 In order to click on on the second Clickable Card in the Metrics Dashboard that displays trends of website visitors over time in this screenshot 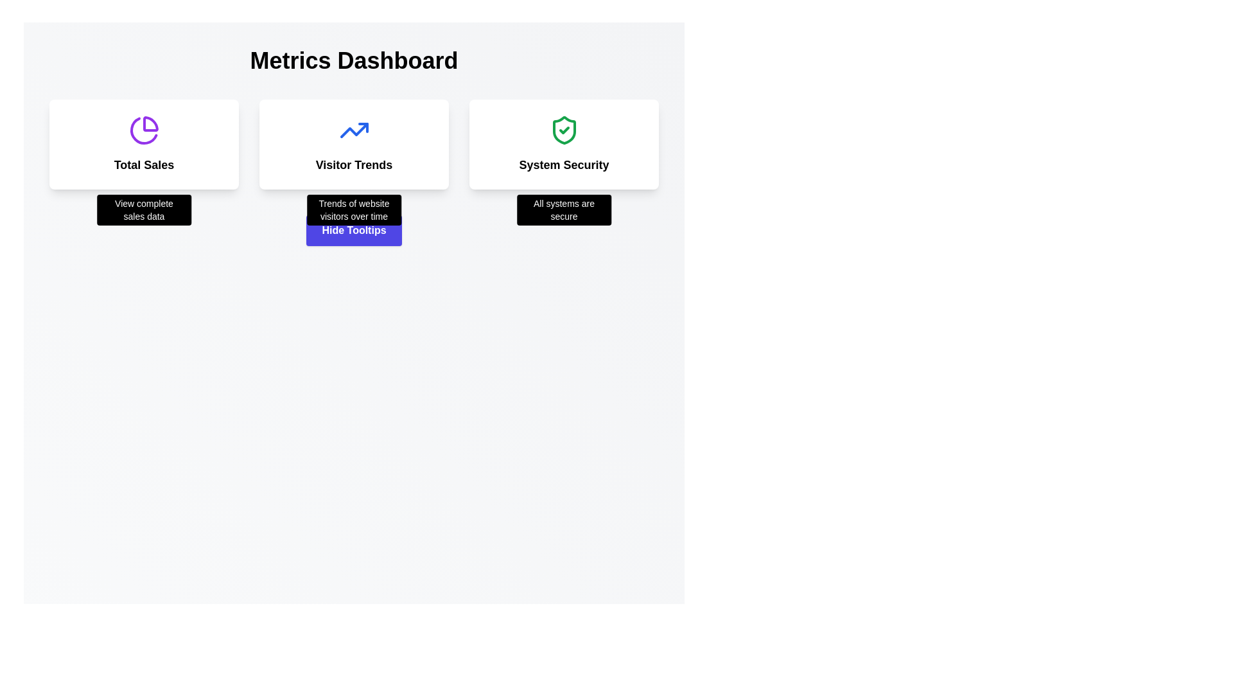, I will do `click(354, 144)`.